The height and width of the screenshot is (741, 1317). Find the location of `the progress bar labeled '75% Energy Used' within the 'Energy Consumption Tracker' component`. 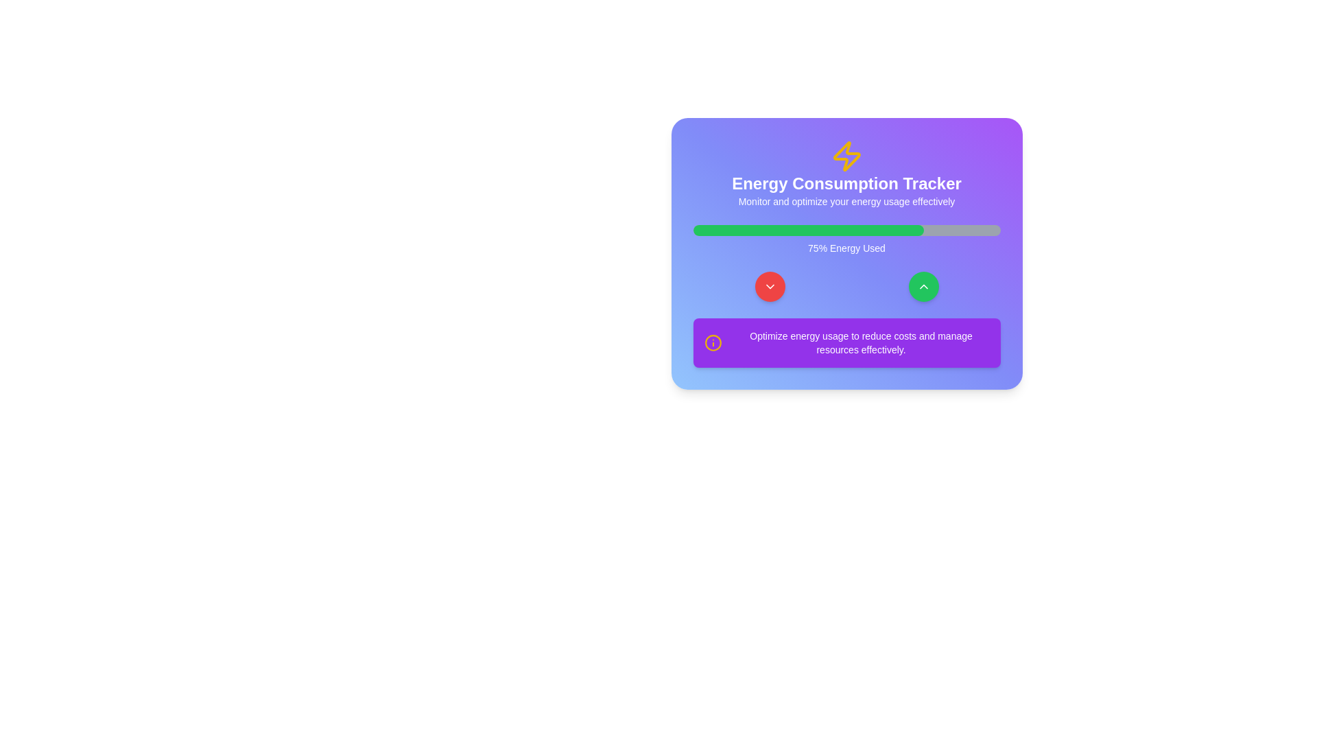

the progress bar labeled '75% Energy Used' within the 'Energy Consumption Tracker' component is located at coordinates (846, 239).